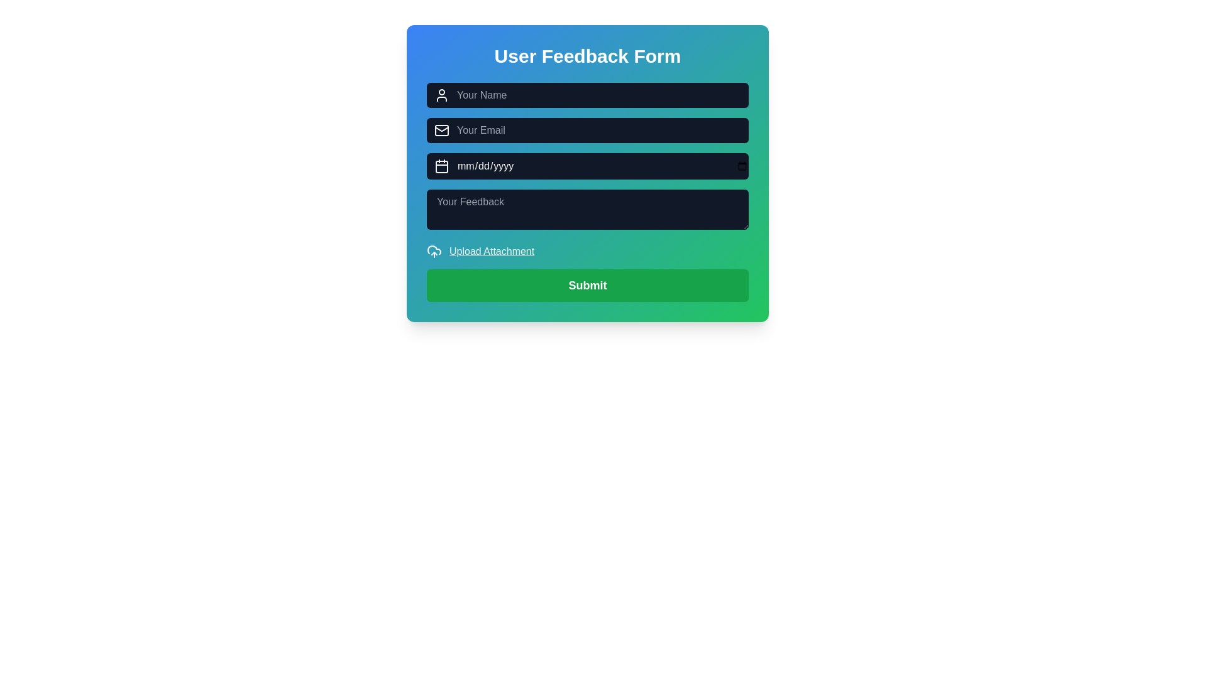 Image resolution: width=1207 pixels, height=678 pixels. What do you see at coordinates (587, 286) in the screenshot?
I see `the form submission button located at the bottom of the form below the 'Upload Attachment' link` at bounding box center [587, 286].